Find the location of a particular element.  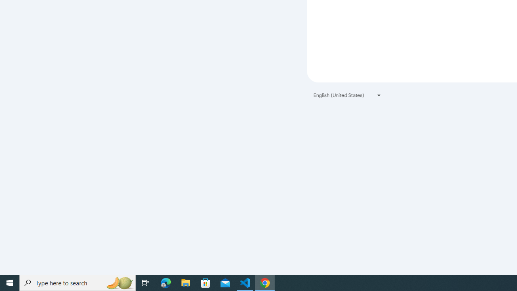

'English (United States)' is located at coordinates (347, 95).